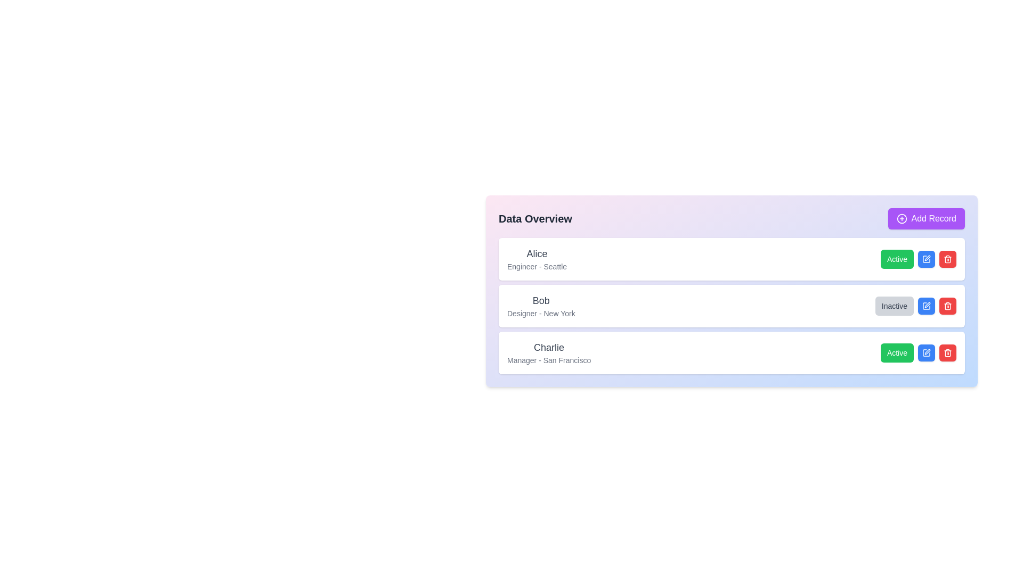  I want to click on the edit button for the individual named 'Bob' to initiate the edit action, so click(925, 306).